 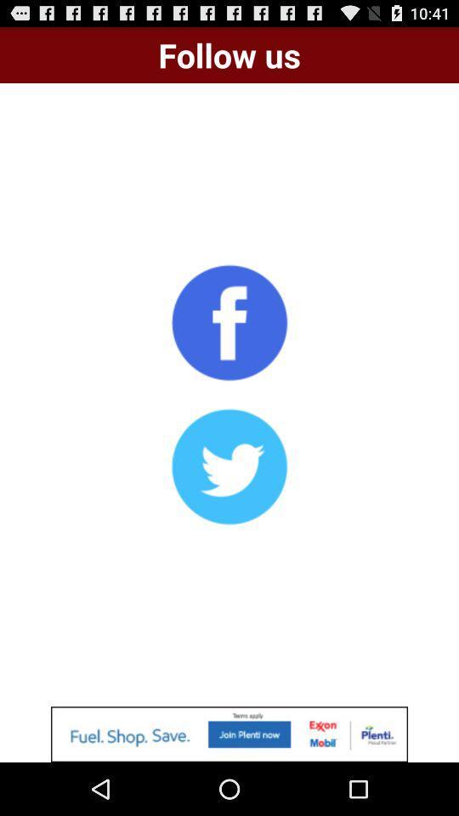 What do you see at coordinates (229, 321) in the screenshot?
I see `click on facebook option` at bounding box center [229, 321].